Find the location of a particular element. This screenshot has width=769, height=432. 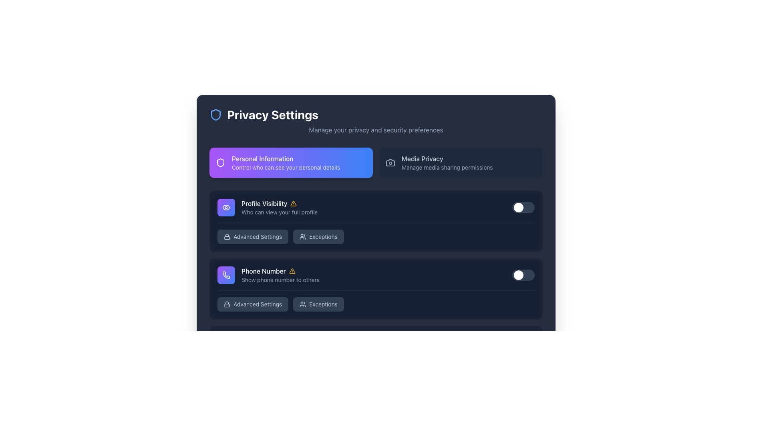

the 'Exceptions' button, which has a rounded rectangle shape and is located to the right of the 'Advanced Settings' button is located at coordinates (318, 304).